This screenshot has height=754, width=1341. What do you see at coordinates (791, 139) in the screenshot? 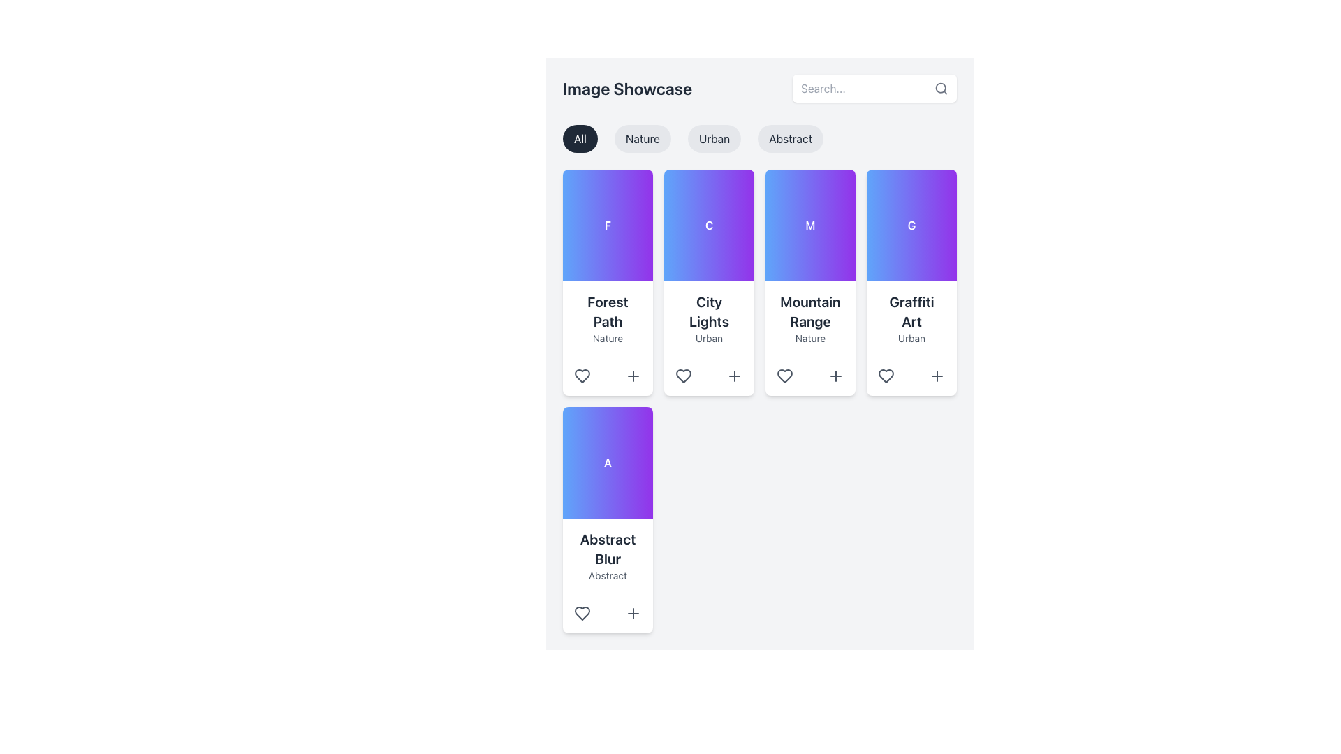
I see `the horizontally elliptical button labeled 'Abstract' with a light gray background` at bounding box center [791, 139].